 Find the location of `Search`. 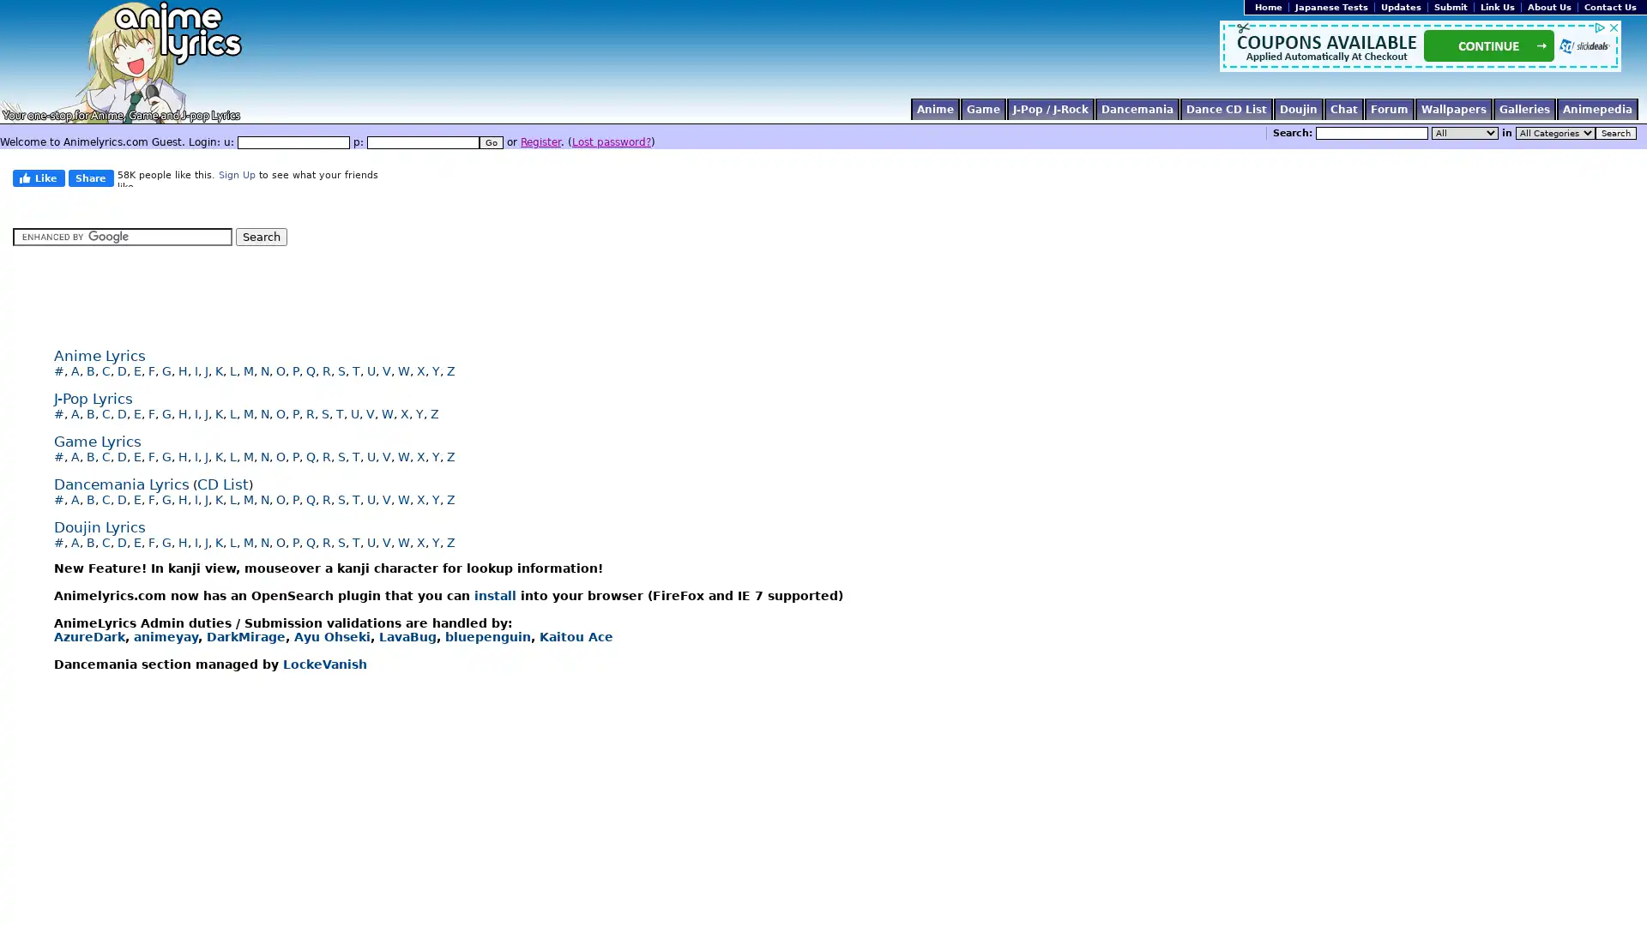

Search is located at coordinates (1614, 132).